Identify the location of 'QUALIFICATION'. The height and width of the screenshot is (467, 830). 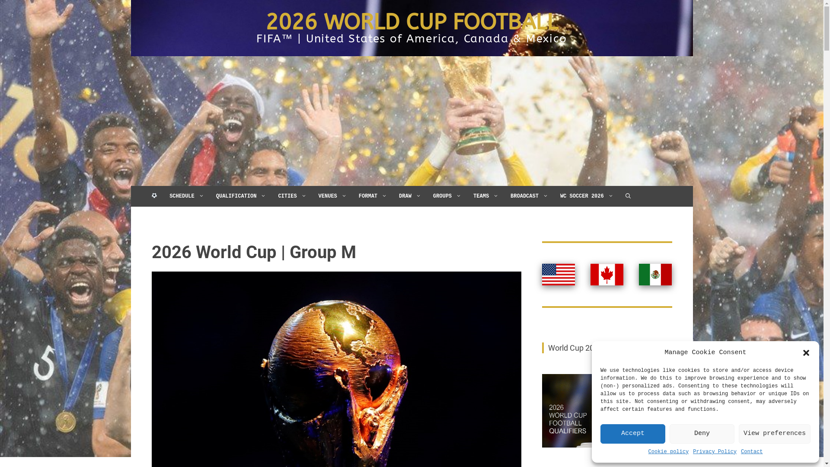
(210, 196).